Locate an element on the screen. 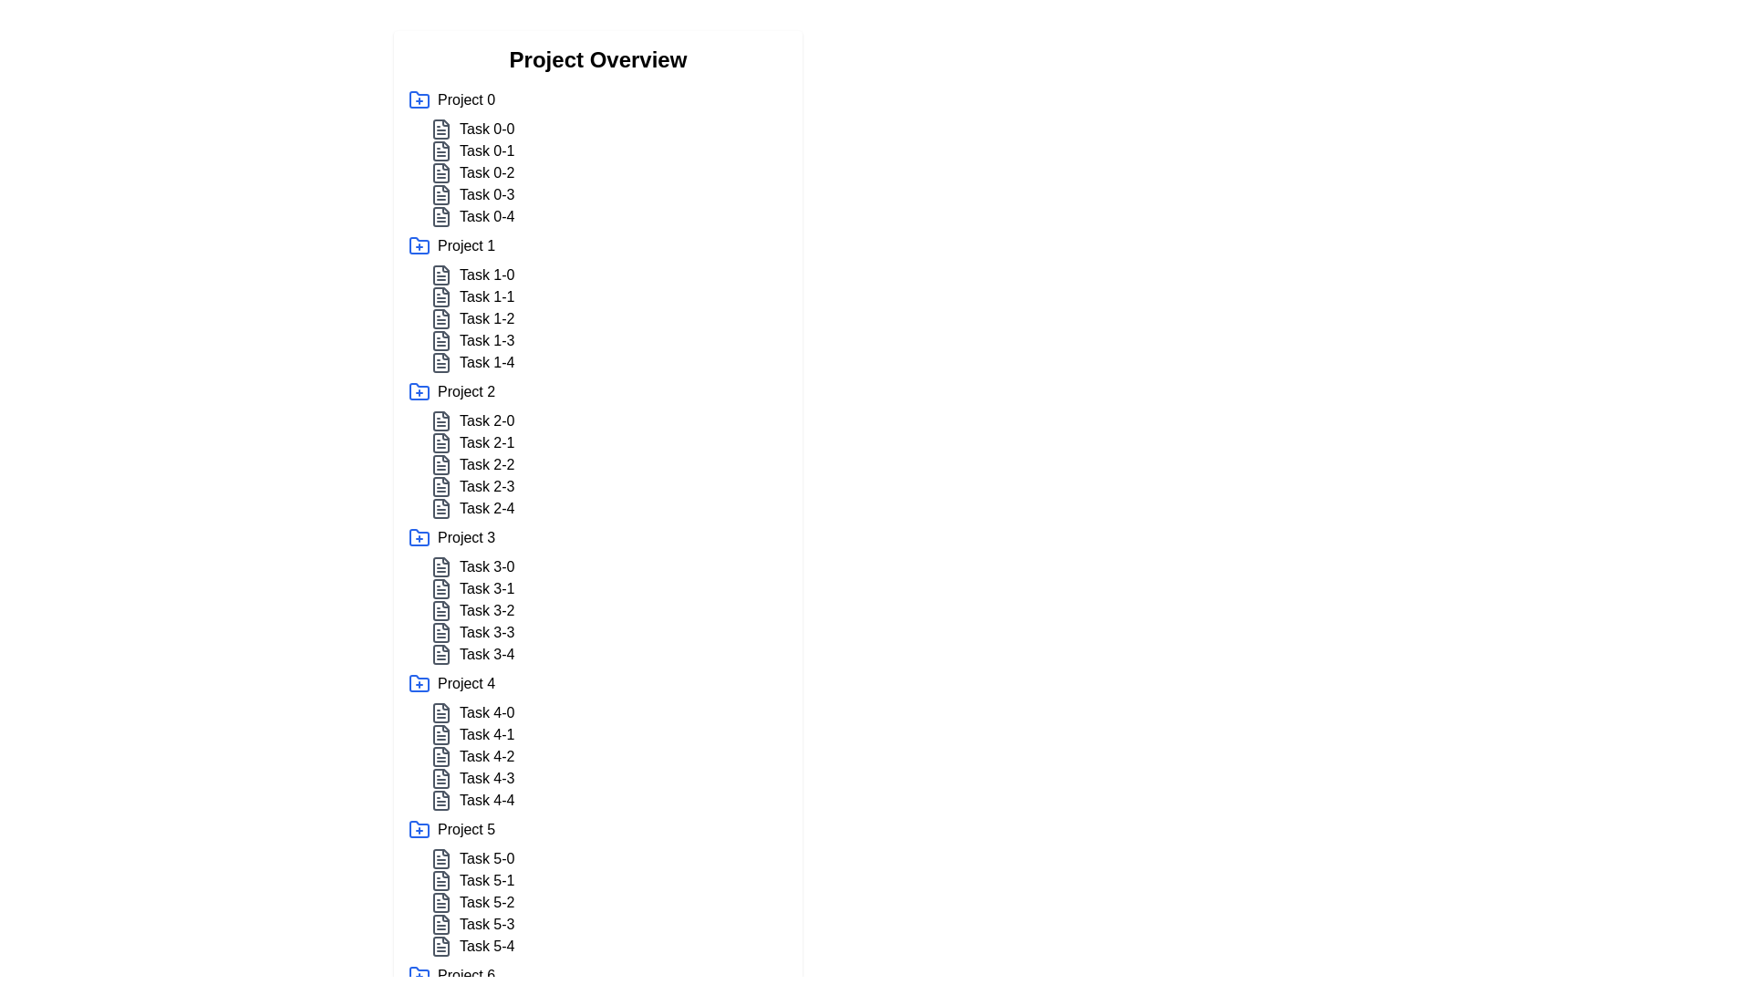  the third Text Label item in the list under the 'Project 2' heading, which is located between 'Task 2-1' and 'Task 2-3' is located at coordinates (487, 463).